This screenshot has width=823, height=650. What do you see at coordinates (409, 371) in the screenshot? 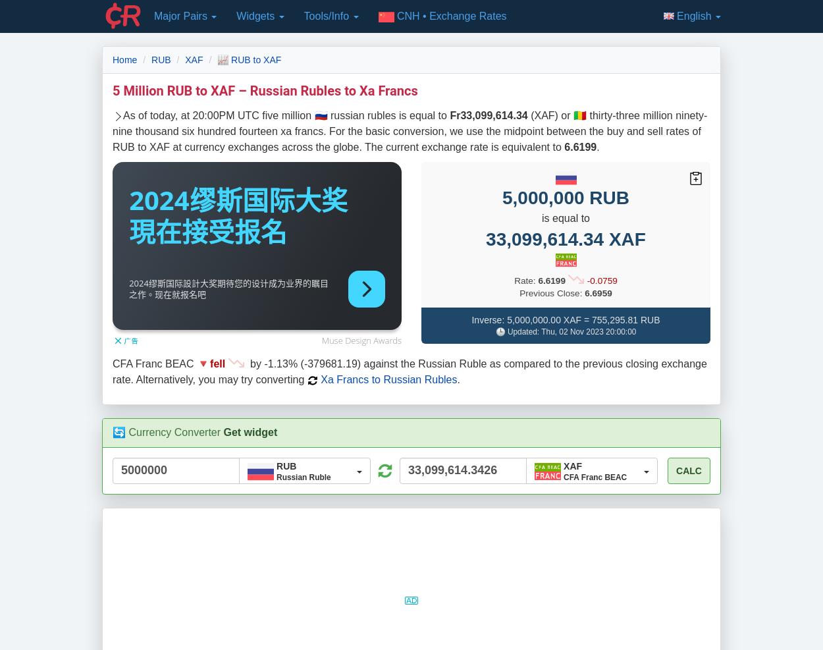
I see `'by -1.13% (-379681.19) against the Russian Ruble as compared to the previous closing exchange rate. Alternatively, you may try converting'` at bounding box center [409, 371].